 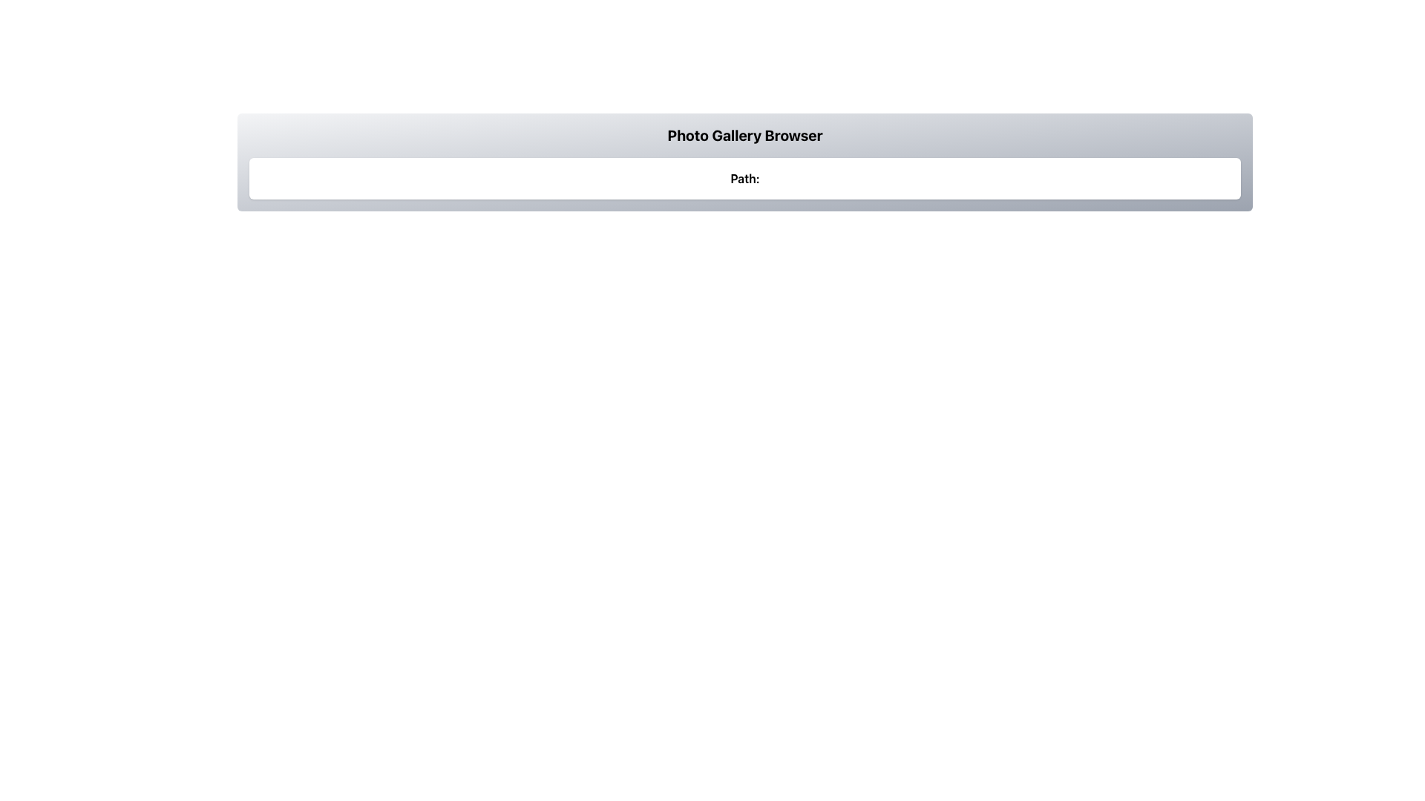 What do you see at coordinates (744, 135) in the screenshot?
I see `text label 'Photo Gallery Browser' which is prominently styled in bold and large font, located at the top of the gradient-background card layout` at bounding box center [744, 135].